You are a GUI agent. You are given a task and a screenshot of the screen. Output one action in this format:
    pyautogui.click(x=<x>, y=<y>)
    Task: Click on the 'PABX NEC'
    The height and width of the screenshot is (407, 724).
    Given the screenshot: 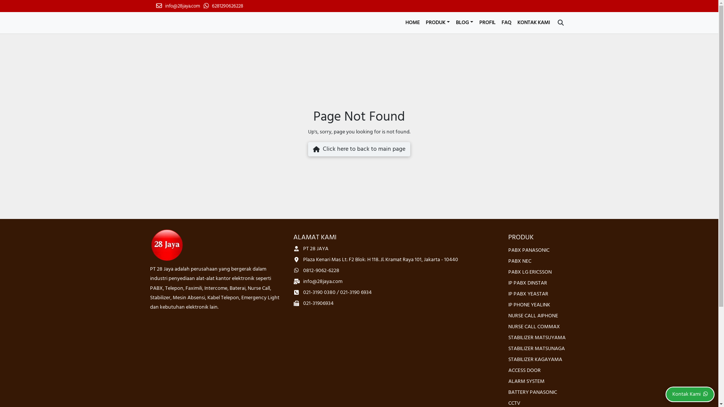 What is the action you would take?
    pyautogui.click(x=519, y=261)
    